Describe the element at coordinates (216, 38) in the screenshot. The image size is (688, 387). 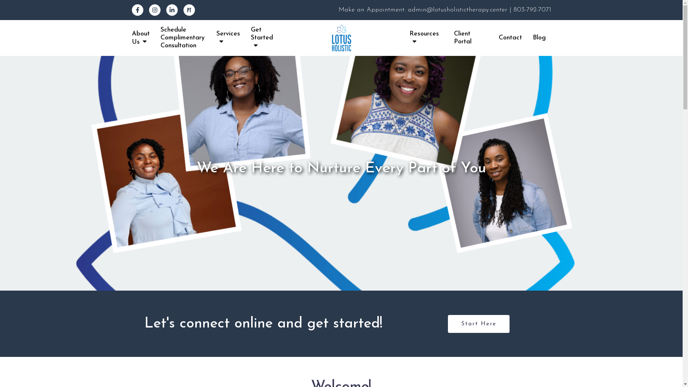
I see `'Services'` at that location.